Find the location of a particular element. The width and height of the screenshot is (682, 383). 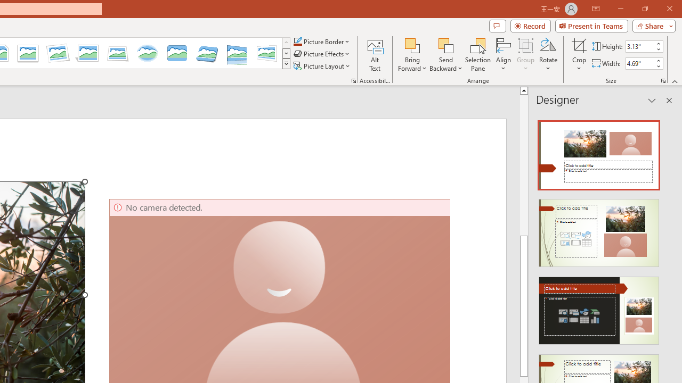

'Perspective Shadow, White' is located at coordinates (88, 53).